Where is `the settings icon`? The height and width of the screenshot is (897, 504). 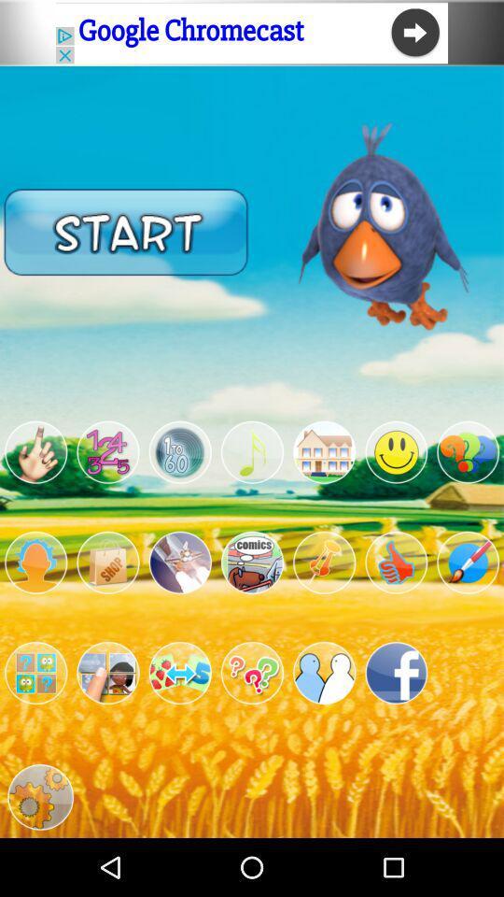 the settings icon is located at coordinates (40, 853).